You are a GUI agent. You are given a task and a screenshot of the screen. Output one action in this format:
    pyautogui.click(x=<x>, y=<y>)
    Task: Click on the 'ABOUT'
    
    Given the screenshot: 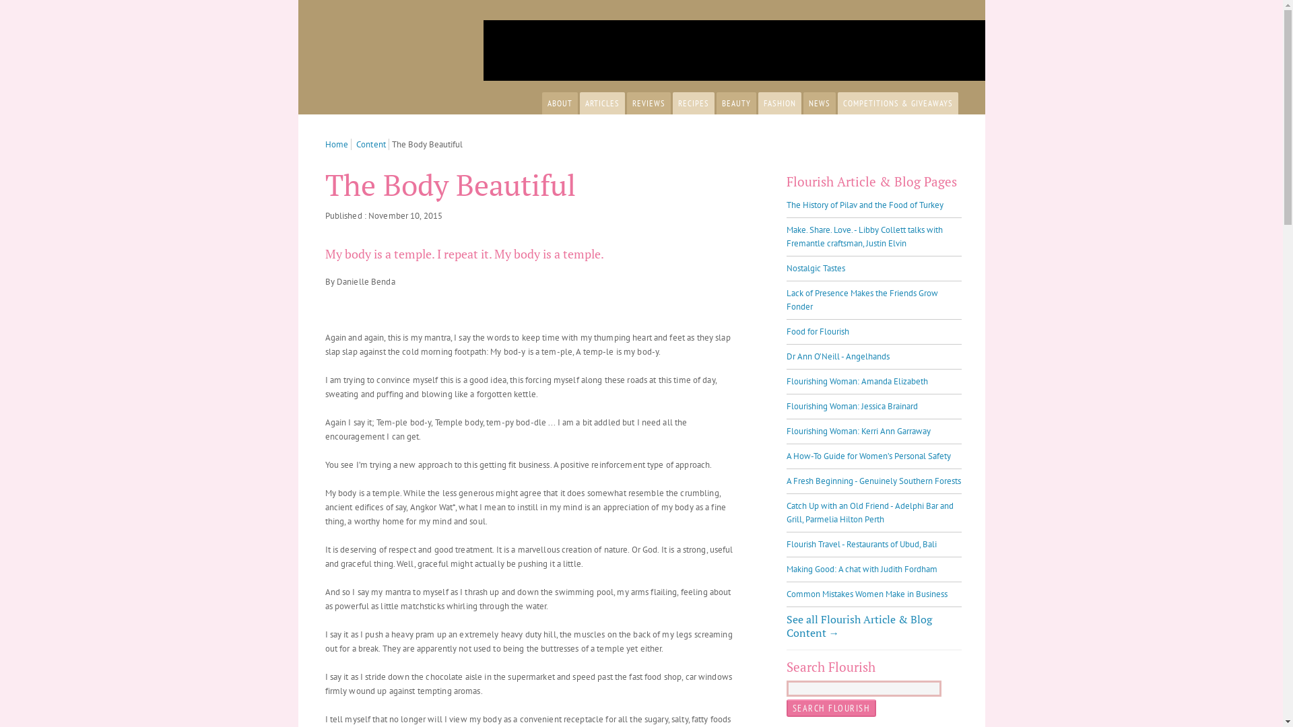 What is the action you would take?
    pyautogui.click(x=559, y=102)
    